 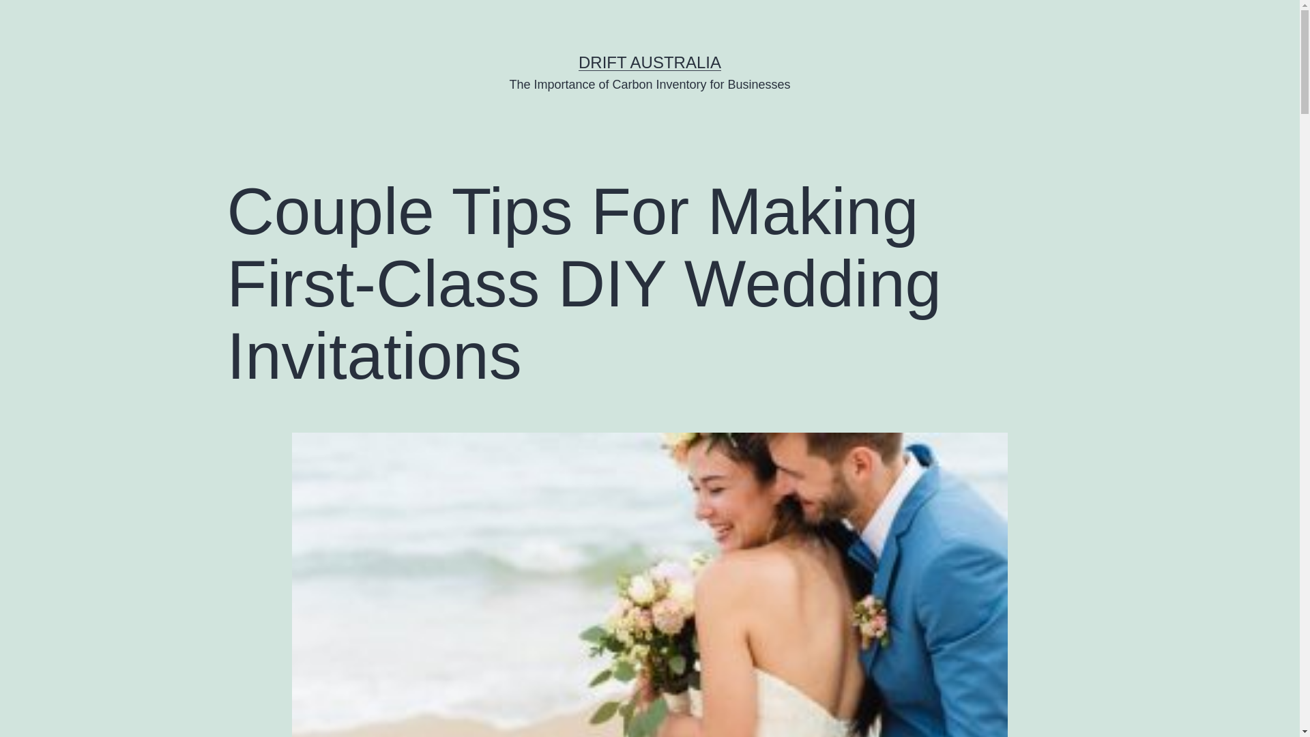 What do you see at coordinates (649, 62) in the screenshot?
I see `'DRIFT AUSTRALIA'` at bounding box center [649, 62].